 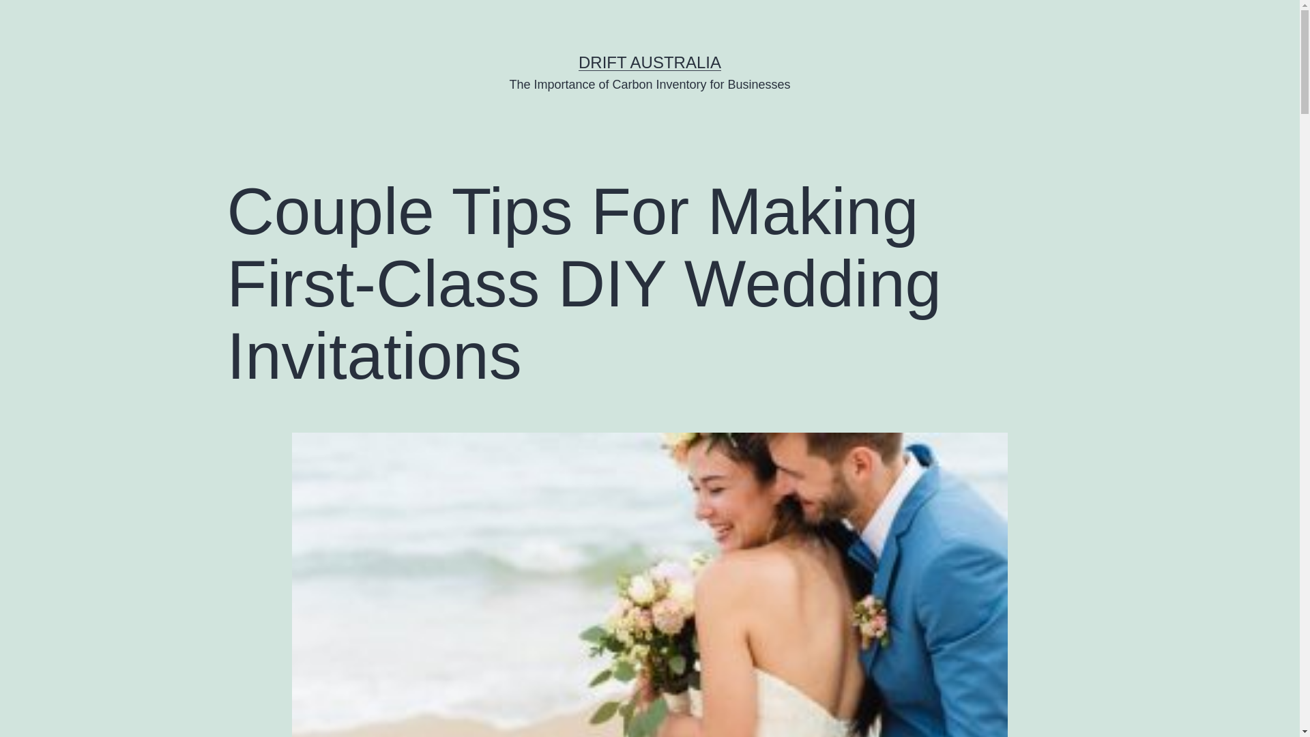 What do you see at coordinates (649, 62) in the screenshot?
I see `'DRIFT AUSTRALIA'` at bounding box center [649, 62].